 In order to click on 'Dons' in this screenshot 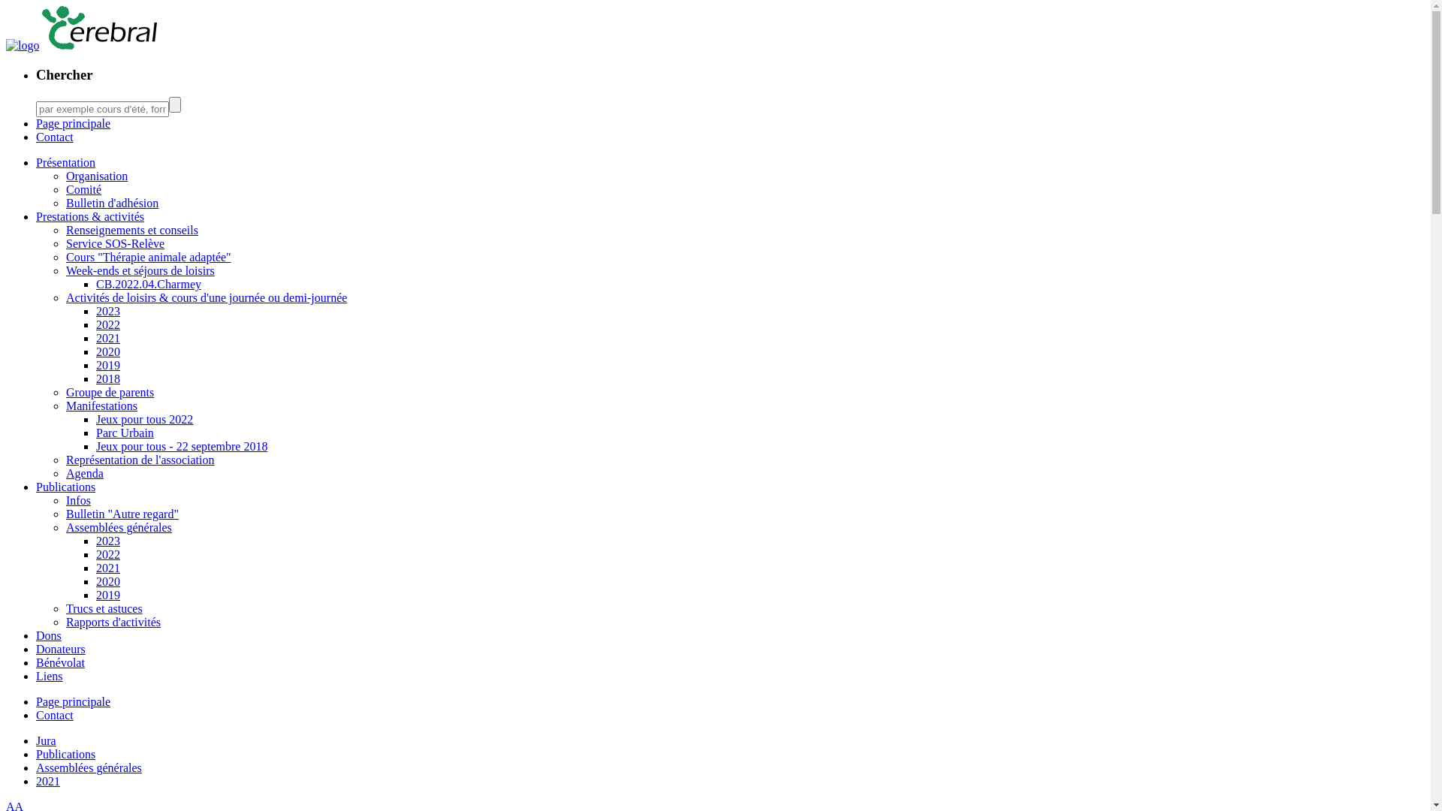, I will do `click(49, 635)`.